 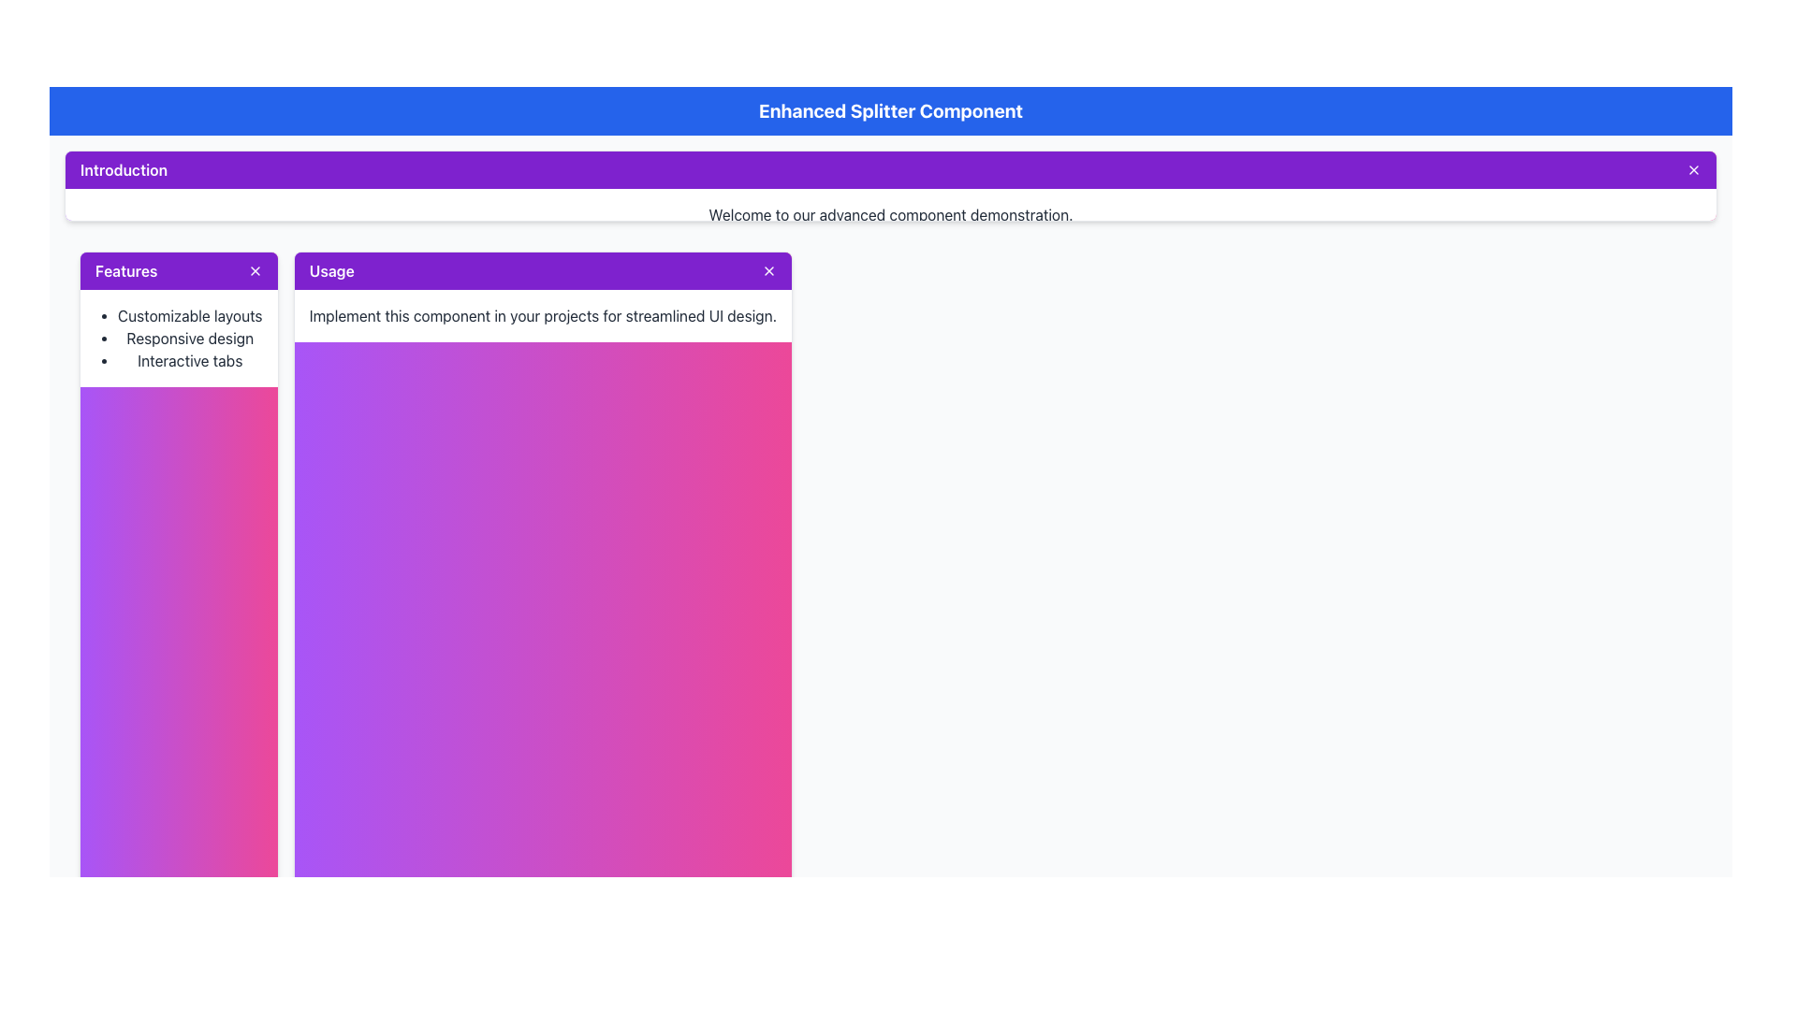 What do you see at coordinates (889, 184) in the screenshot?
I see `the header located beneath the blue banner labeled 'Enhanced Splitter Component' for navigation purposes` at bounding box center [889, 184].